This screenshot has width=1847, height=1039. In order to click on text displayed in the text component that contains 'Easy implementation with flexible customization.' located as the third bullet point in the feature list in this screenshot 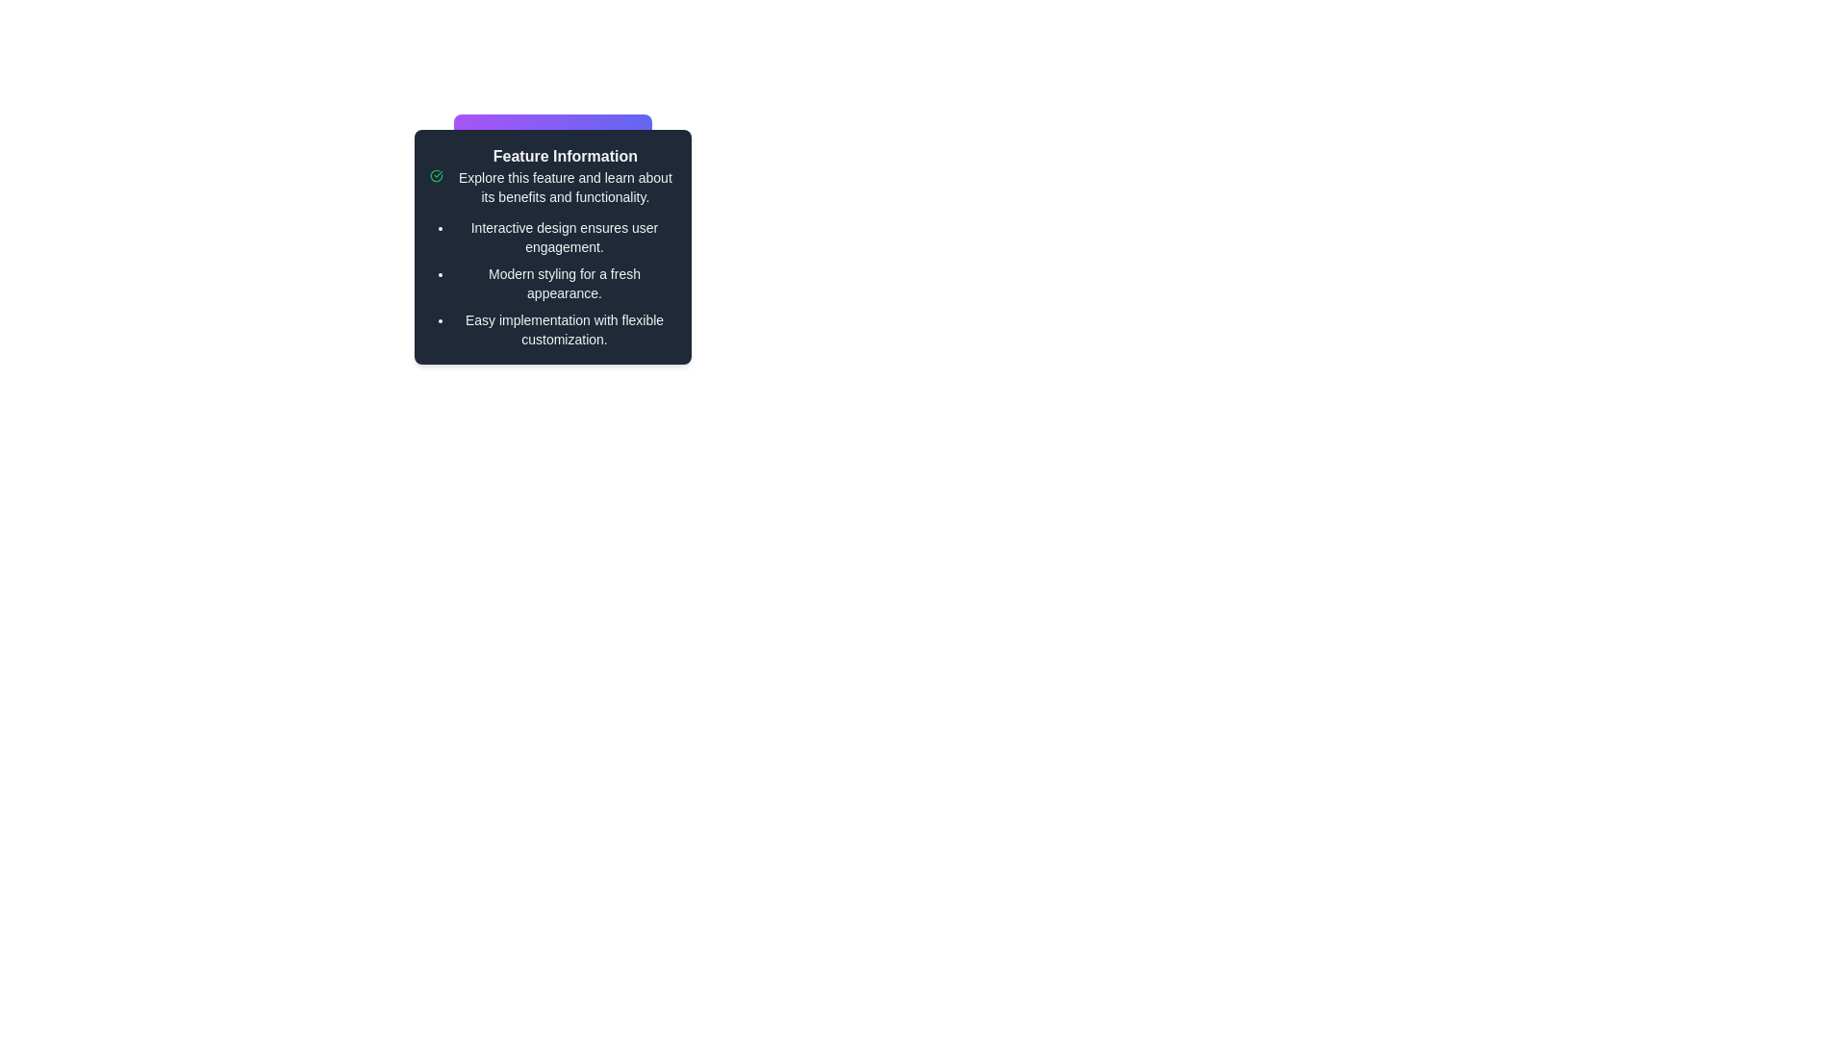, I will do `click(563, 329)`.